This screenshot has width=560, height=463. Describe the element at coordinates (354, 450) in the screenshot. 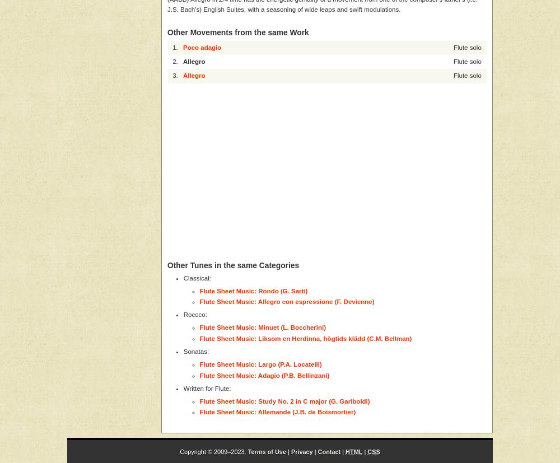

I see `'HTML'` at that location.